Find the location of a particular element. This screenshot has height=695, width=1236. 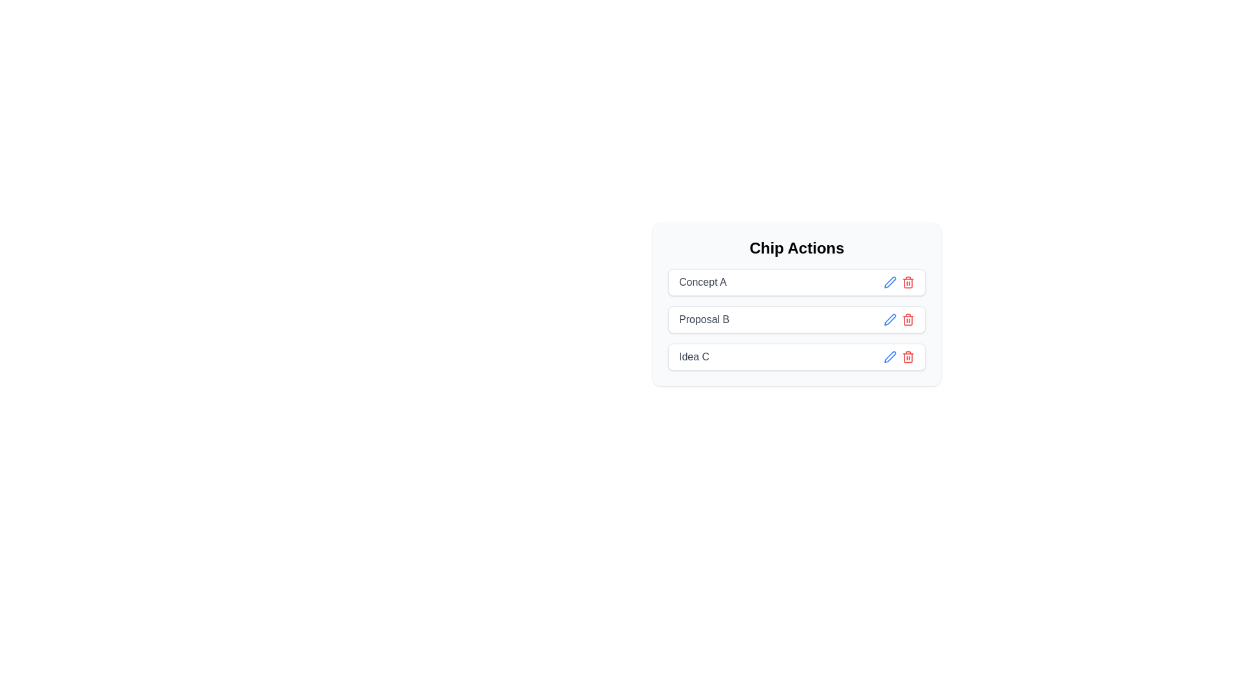

delete button next to the chip labeled Concept A is located at coordinates (908, 282).